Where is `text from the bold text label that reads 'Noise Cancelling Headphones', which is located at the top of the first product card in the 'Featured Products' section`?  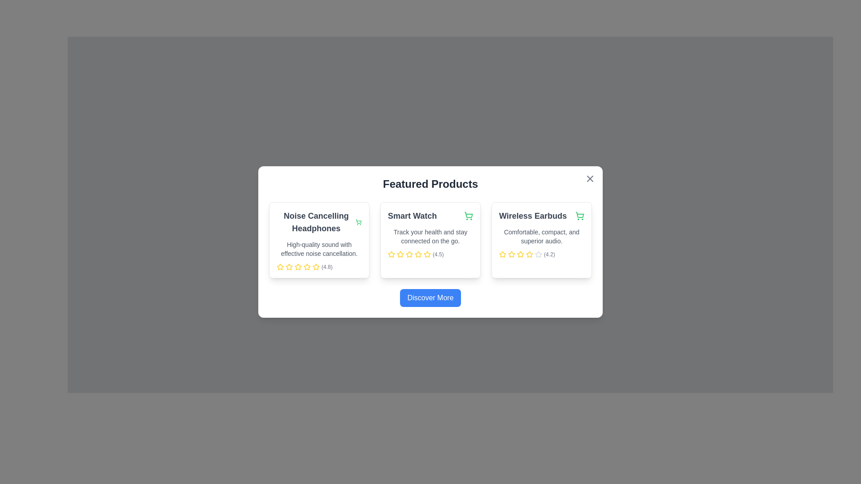
text from the bold text label that reads 'Noise Cancelling Headphones', which is located at the top of the first product card in the 'Featured Products' section is located at coordinates (319, 222).